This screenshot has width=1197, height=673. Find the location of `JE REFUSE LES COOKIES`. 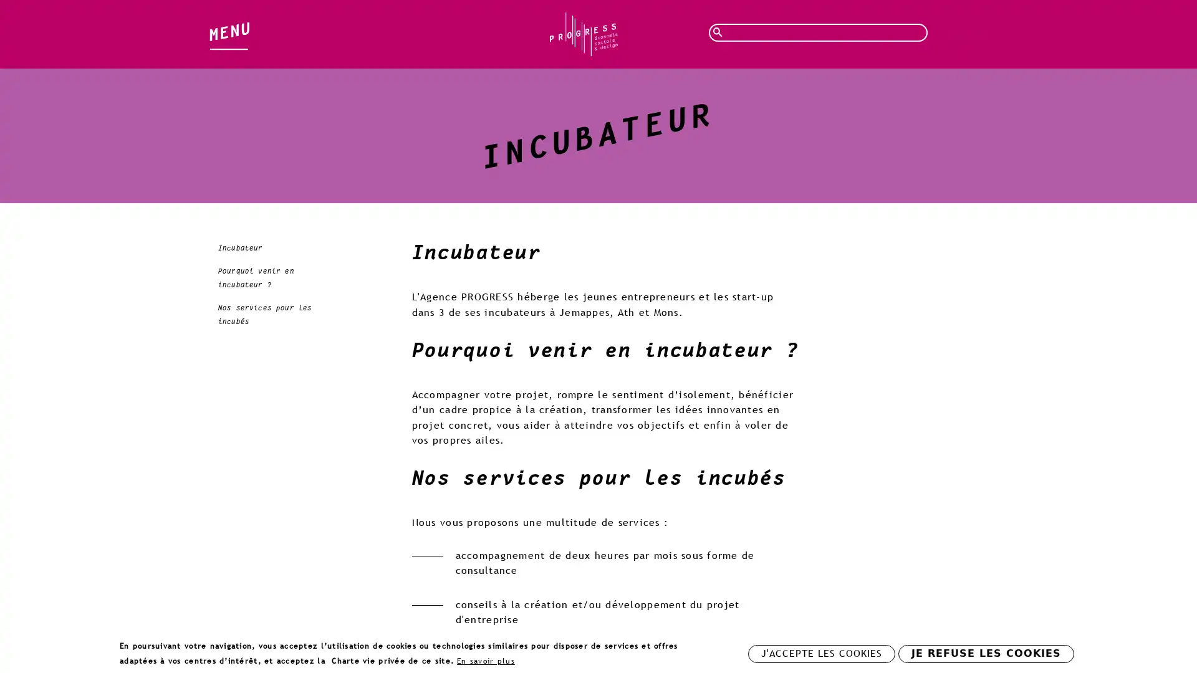

JE REFUSE LES COOKIES is located at coordinates (986, 653).